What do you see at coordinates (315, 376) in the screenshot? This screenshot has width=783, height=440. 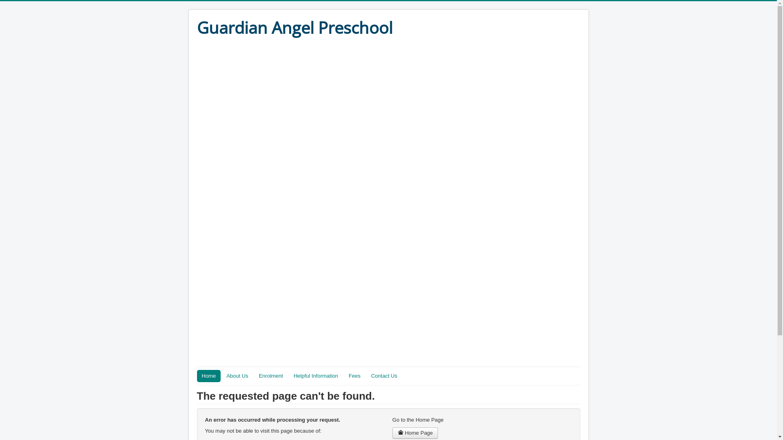 I see `'Helpful Information'` at bounding box center [315, 376].